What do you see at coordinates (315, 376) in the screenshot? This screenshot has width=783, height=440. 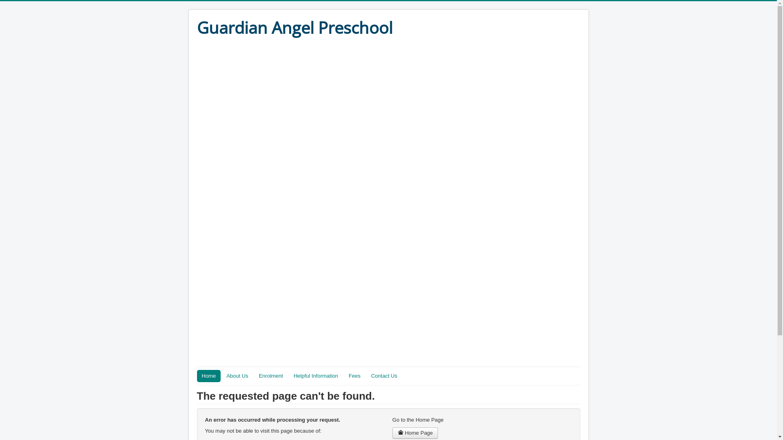 I see `'Helpful Information'` at bounding box center [315, 376].